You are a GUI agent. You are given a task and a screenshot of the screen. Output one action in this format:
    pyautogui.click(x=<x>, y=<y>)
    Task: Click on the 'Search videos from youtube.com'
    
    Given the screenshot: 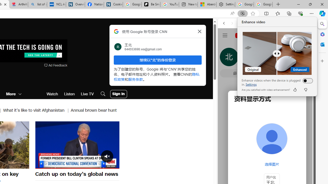 What is the action you would take?
    pyautogui.click(x=258, y=168)
    